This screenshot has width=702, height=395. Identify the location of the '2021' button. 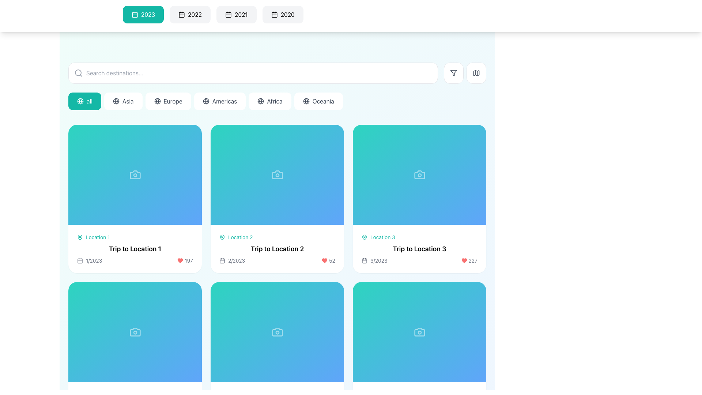
(228, 14).